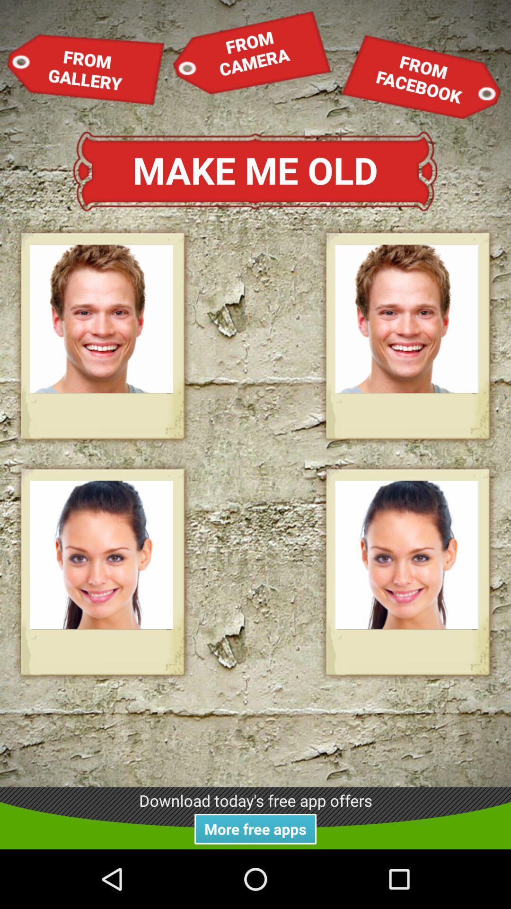  What do you see at coordinates (251, 52) in the screenshot?
I see `the item to the right of the from` at bounding box center [251, 52].